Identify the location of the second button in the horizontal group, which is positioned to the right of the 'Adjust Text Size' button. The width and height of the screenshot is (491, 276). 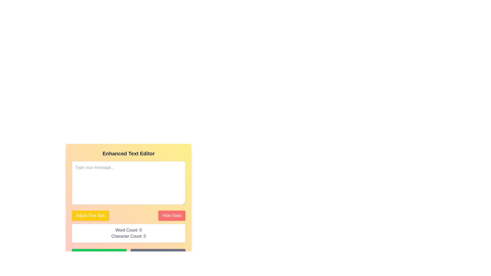
(172, 216).